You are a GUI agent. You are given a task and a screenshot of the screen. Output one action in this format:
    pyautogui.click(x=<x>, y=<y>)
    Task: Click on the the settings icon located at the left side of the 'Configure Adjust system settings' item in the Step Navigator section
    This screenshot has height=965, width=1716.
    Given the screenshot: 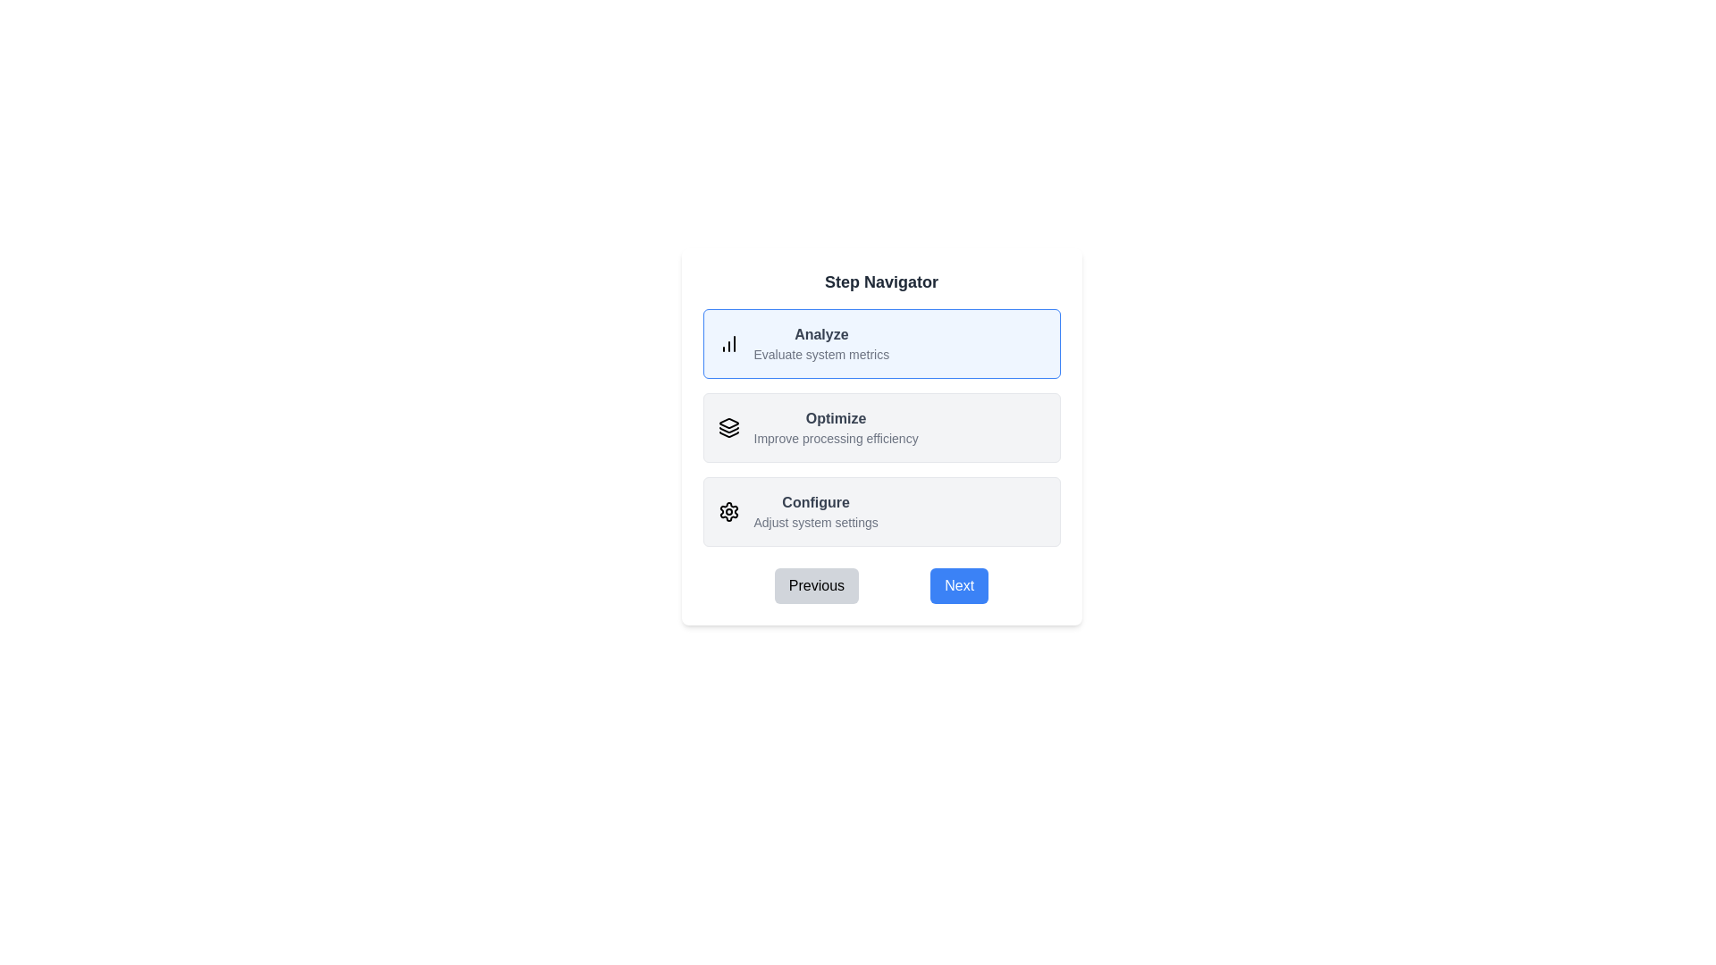 What is the action you would take?
    pyautogui.click(x=728, y=512)
    